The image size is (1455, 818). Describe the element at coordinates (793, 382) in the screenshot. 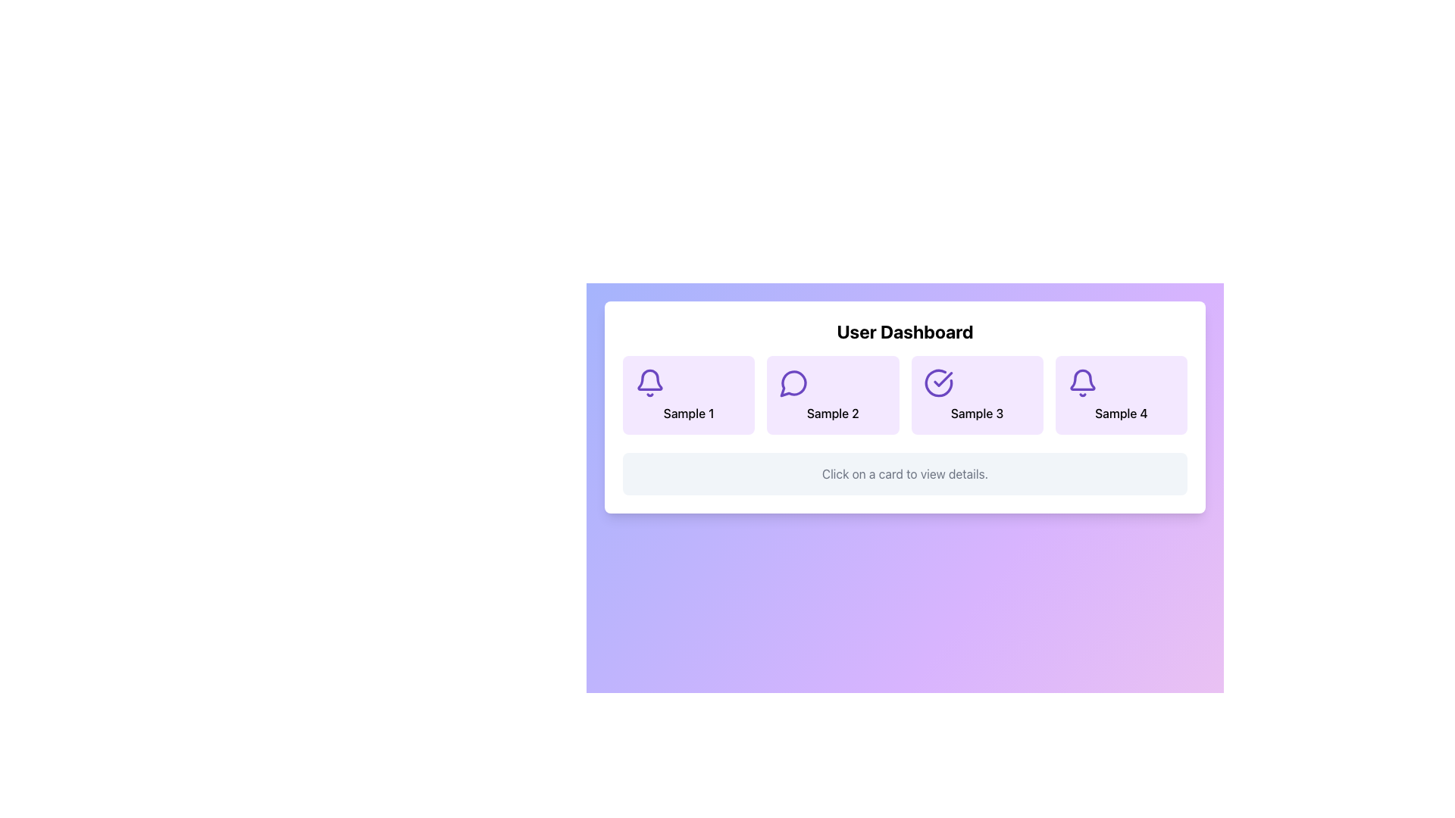

I see `the messaging icon located in the second card of the horizontal card layout under 'User Dashboard'` at that location.